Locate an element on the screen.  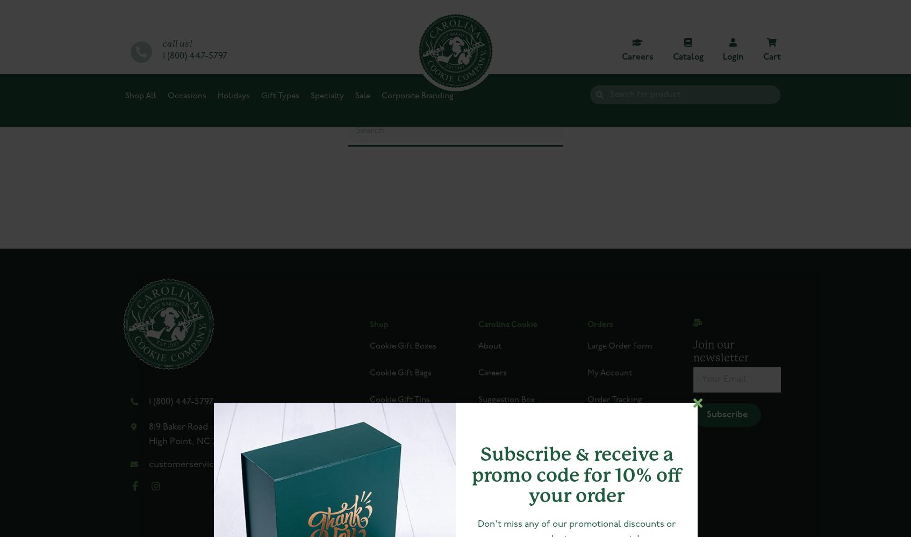
'Catalog Request' is located at coordinates (508, 481).